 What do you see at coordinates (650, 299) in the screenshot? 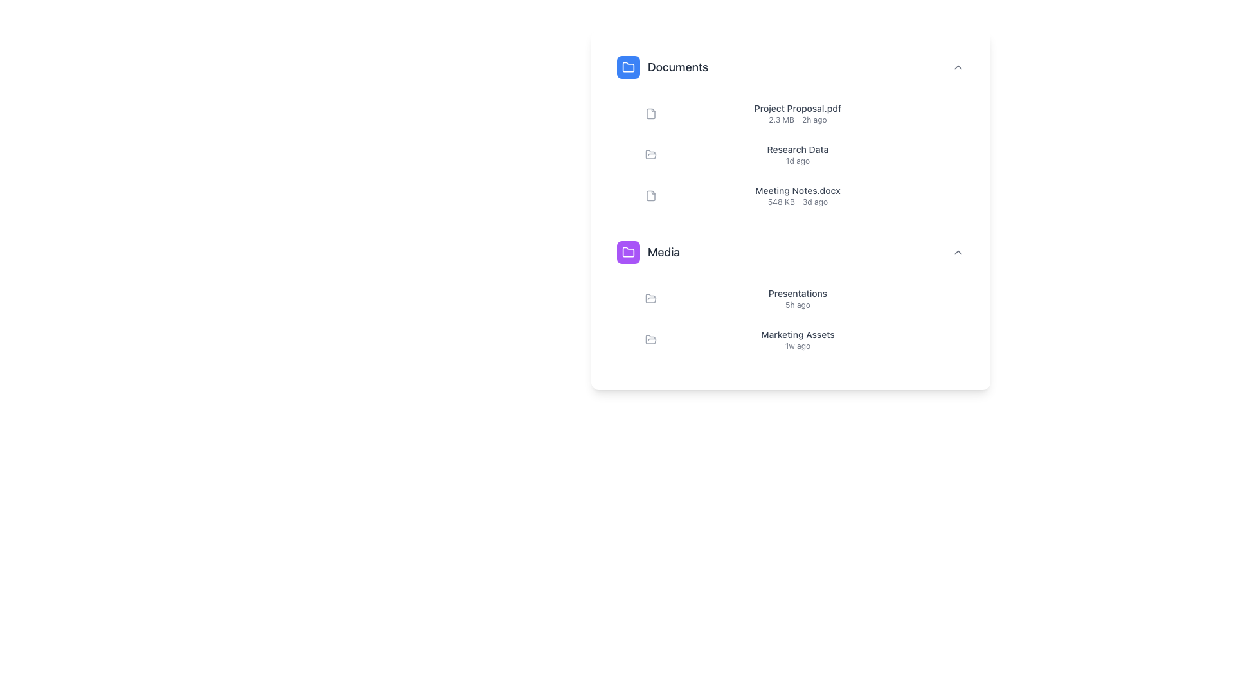
I see `the folder icon located to the left of the text 'Presentations' in the 'Media' category list` at bounding box center [650, 299].